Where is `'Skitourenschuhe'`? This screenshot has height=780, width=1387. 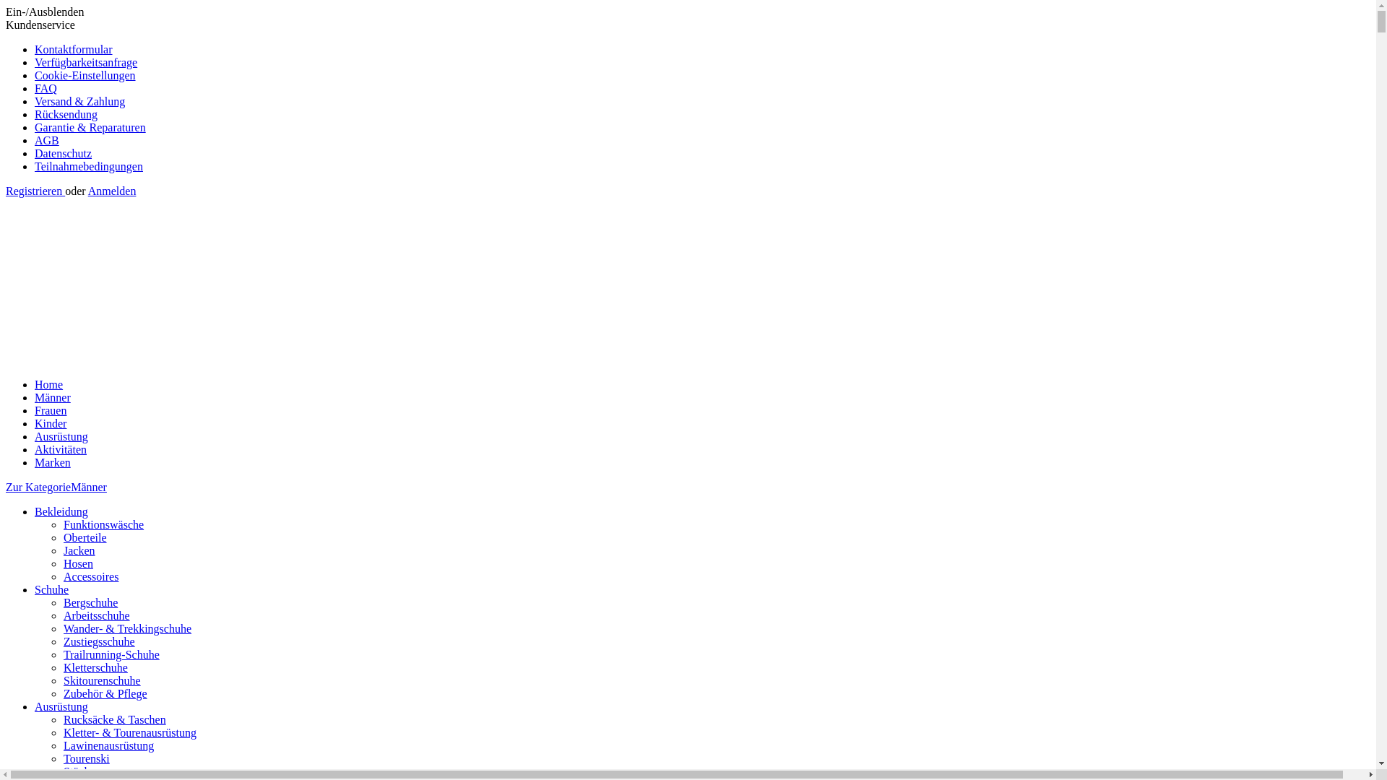 'Skitourenschuhe' is located at coordinates (101, 680).